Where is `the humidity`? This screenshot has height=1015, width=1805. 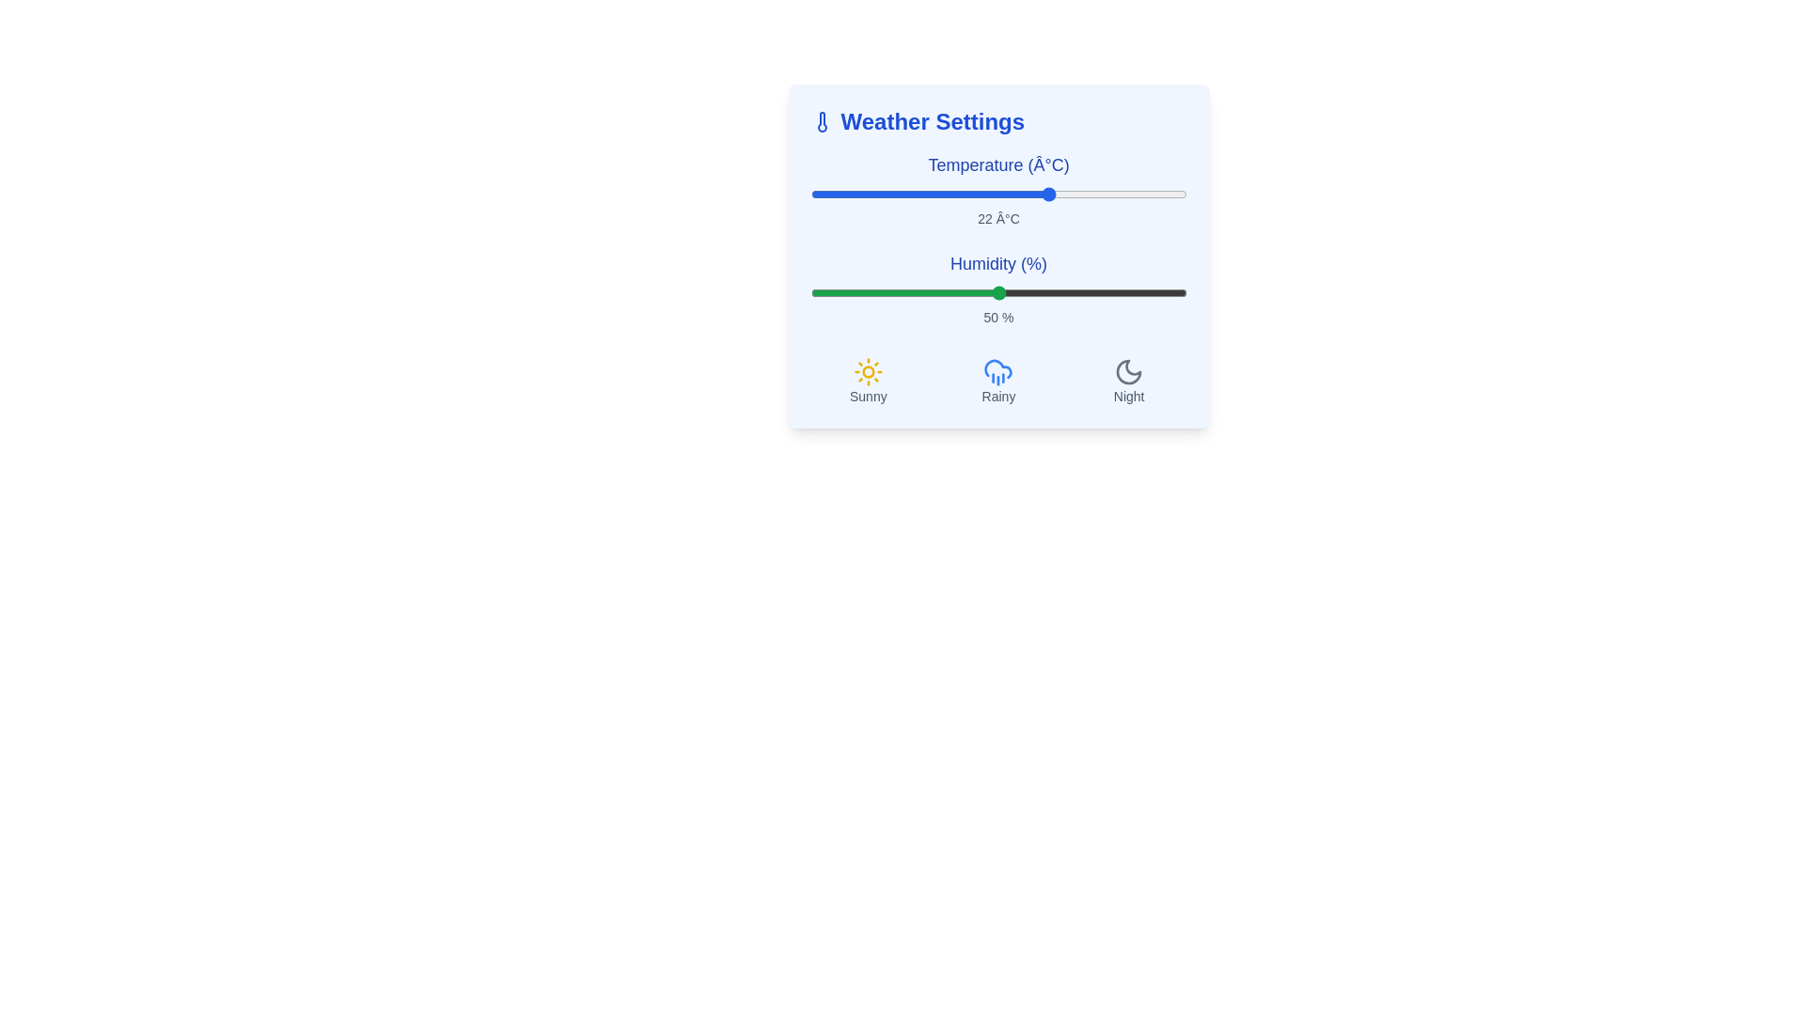
the humidity is located at coordinates (1059, 293).